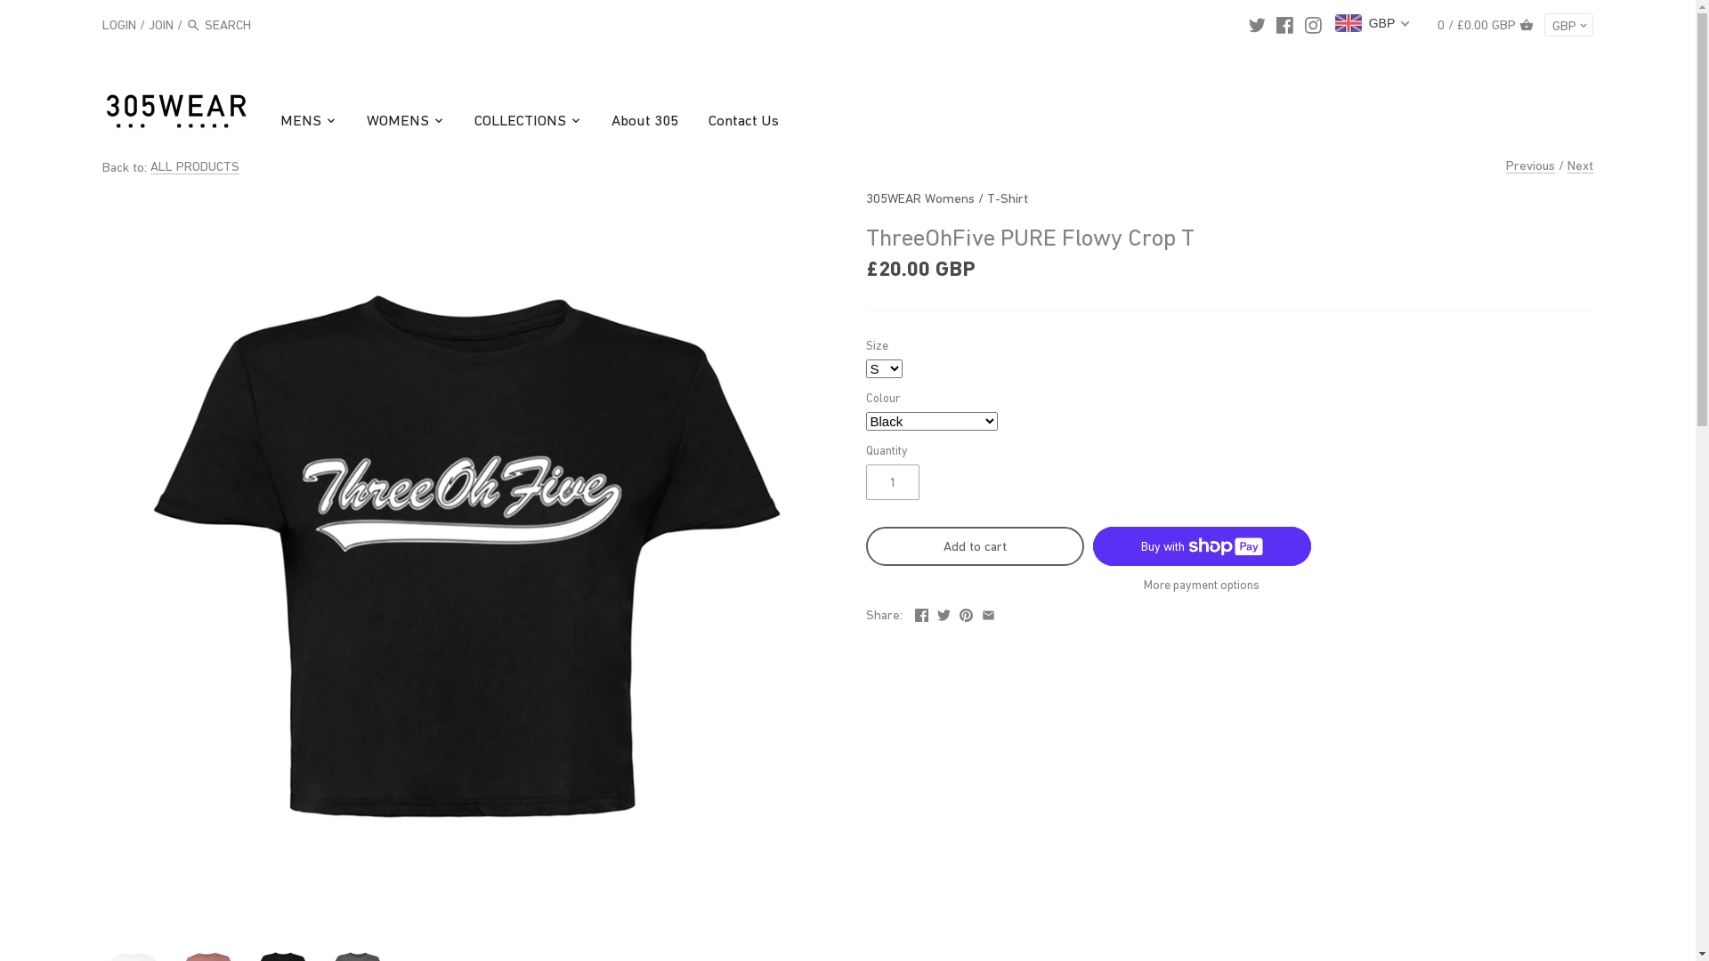 This screenshot has width=1709, height=961. What do you see at coordinates (987, 611) in the screenshot?
I see `'Email'` at bounding box center [987, 611].